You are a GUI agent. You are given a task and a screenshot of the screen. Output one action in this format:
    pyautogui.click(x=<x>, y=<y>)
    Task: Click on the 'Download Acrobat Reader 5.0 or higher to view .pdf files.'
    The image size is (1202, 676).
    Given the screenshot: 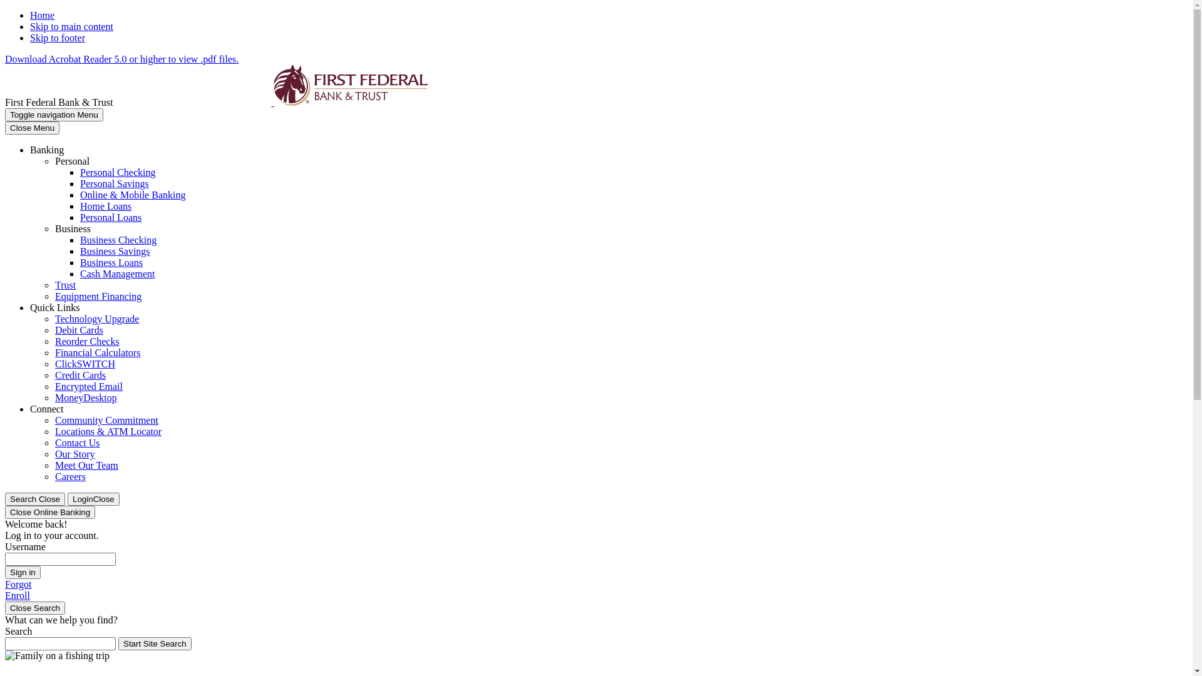 What is the action you would take?
    pyautogui.click(x=121, y=59)
    